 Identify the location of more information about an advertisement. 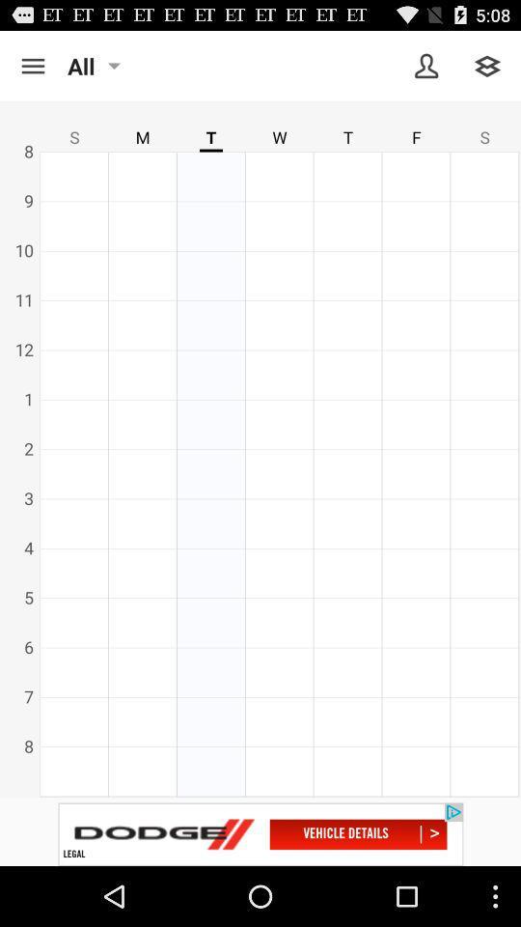
(260, 833).